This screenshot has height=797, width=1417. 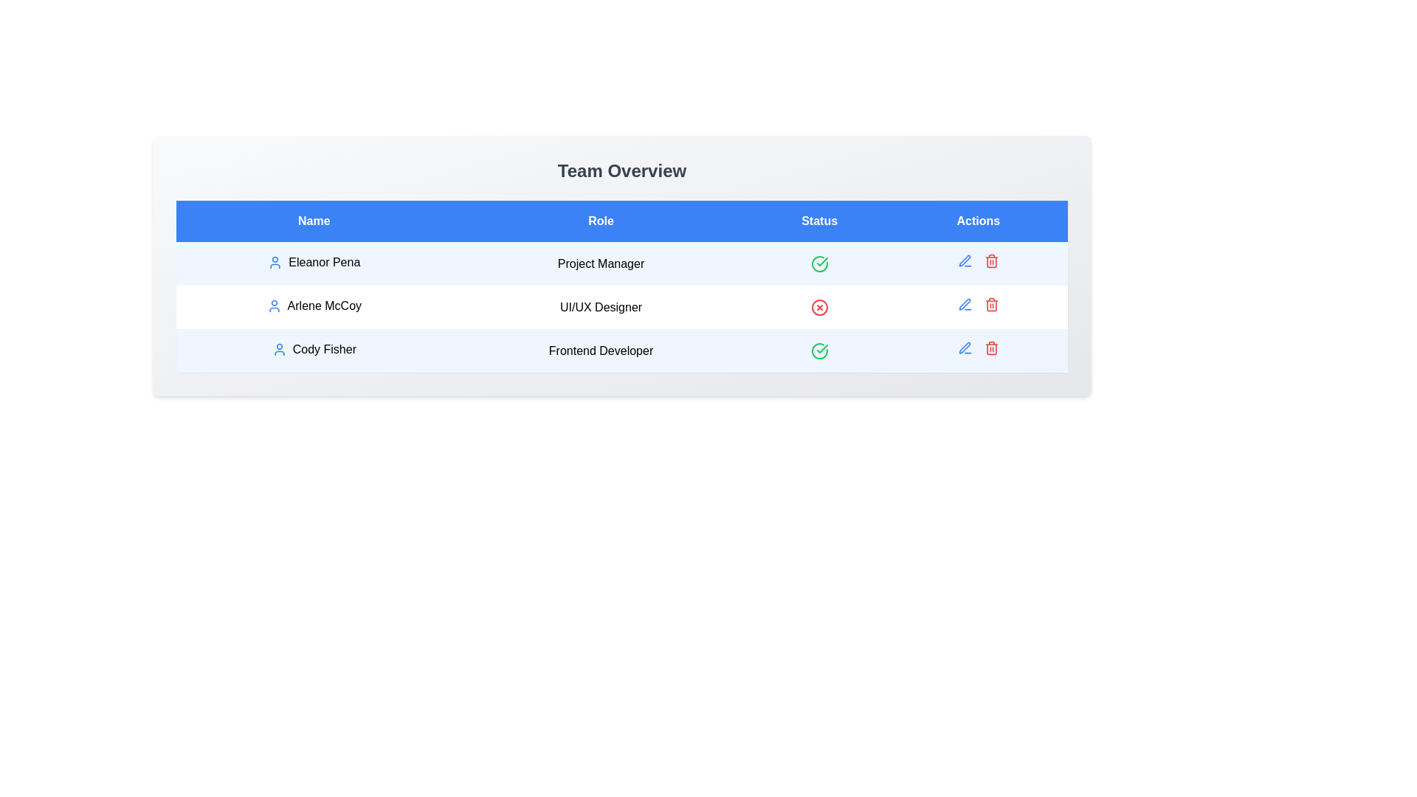 I want to click on the 'delete' button, which is the third interactive icon in the 'Actions' column of the second row of the data table, so click(x=992, y=261).